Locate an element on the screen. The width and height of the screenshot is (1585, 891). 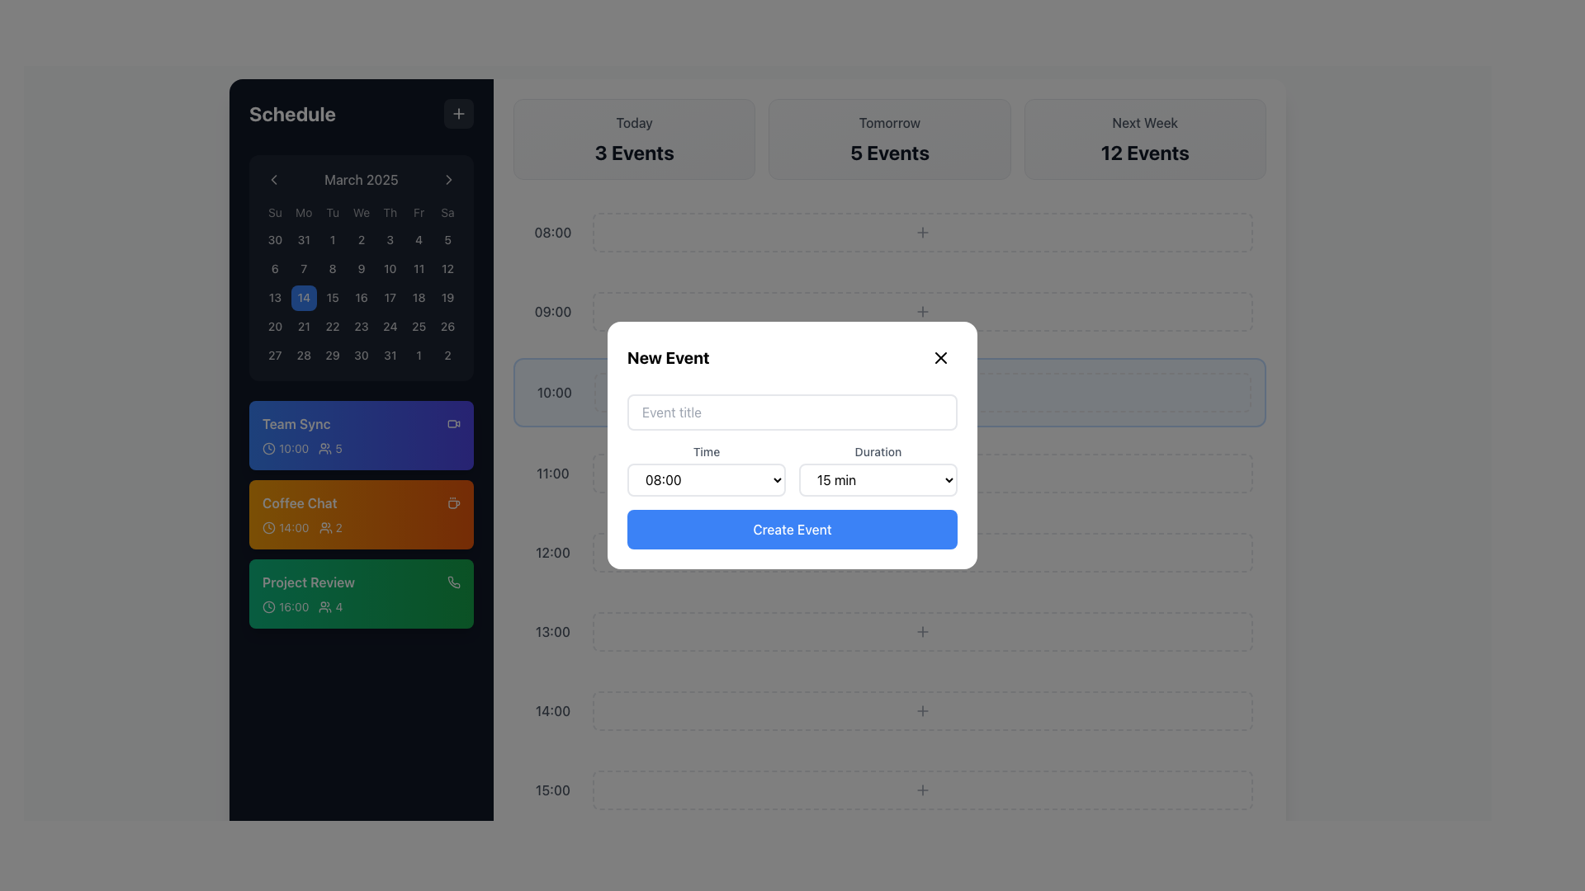
the time label indicating the 9:00 AM slot within the schedule, which serves as a visual reference for users to identify events associated with this specific time is located at coordinates (553, 312).